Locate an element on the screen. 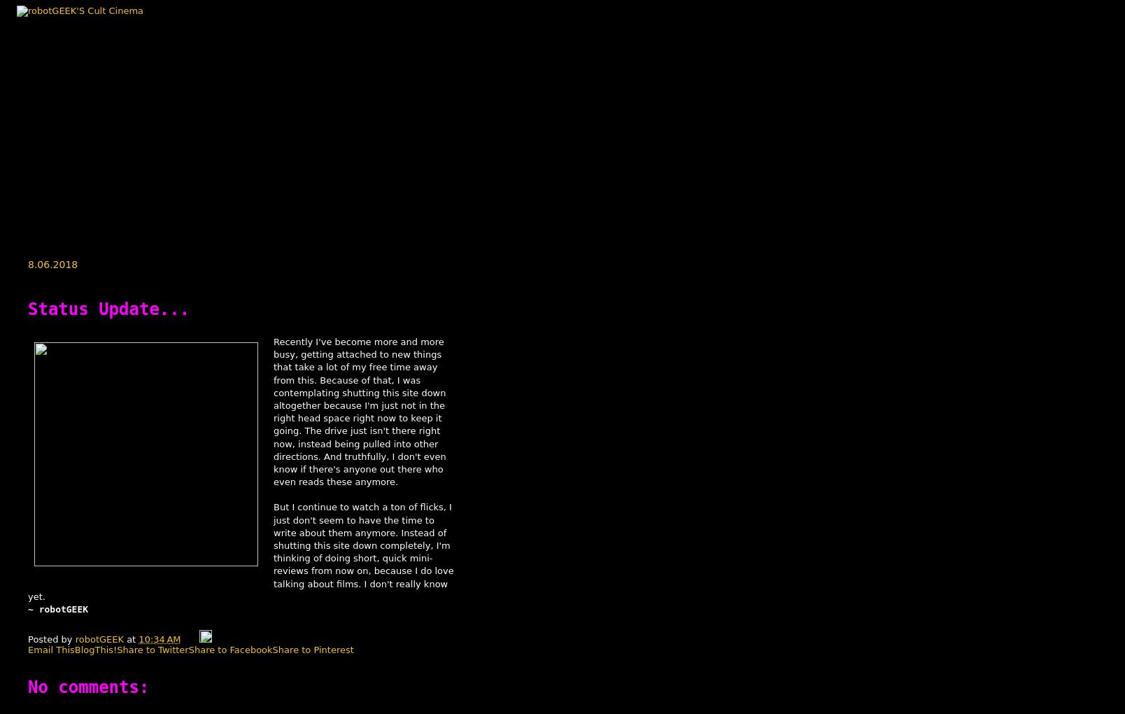  'Share to Pinterest' is located at coordinates (312, 649).